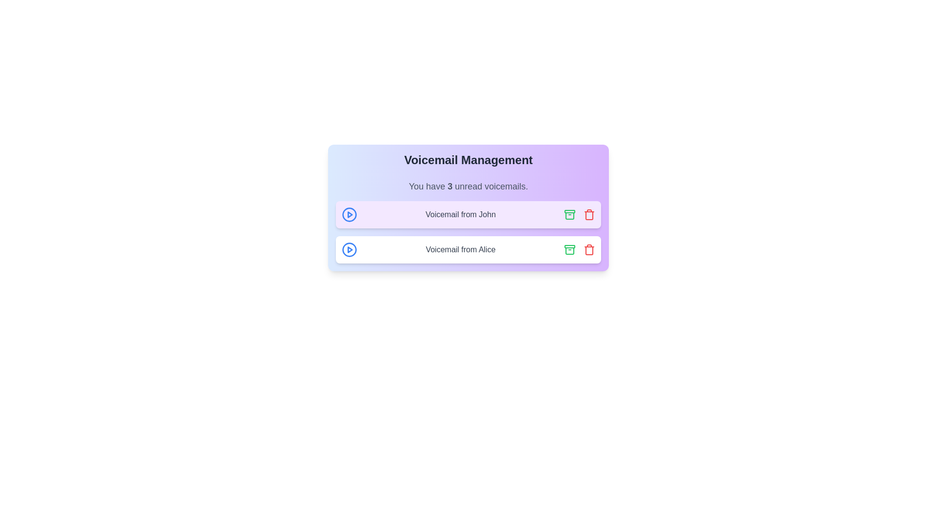 This screenshot has height=526, width=936. I want to click on the archive action button for the voicemail item located to the left of the red trash bin icon, which changes its color upon hover, so click(570, 249).